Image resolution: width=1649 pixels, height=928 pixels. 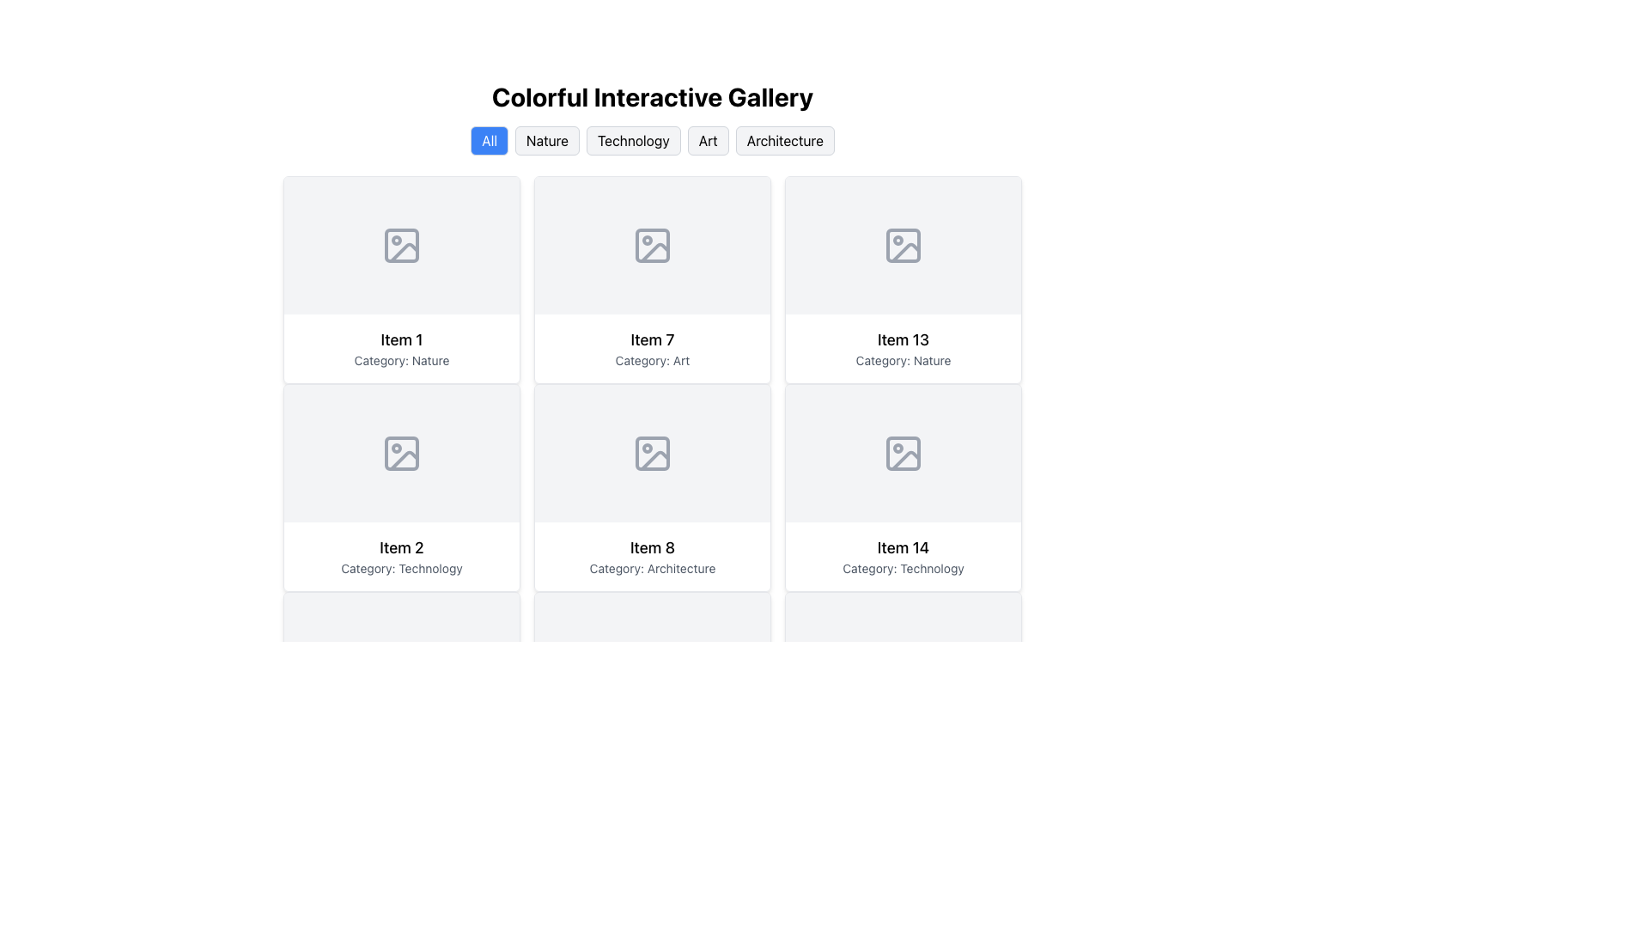 I want to click on the 'Nature' filter button located in the horizontal button group beneath the title 'Colorful Interactive Gallery' to apply the filter to the displayed gallery items, so click(x=546, y=140).